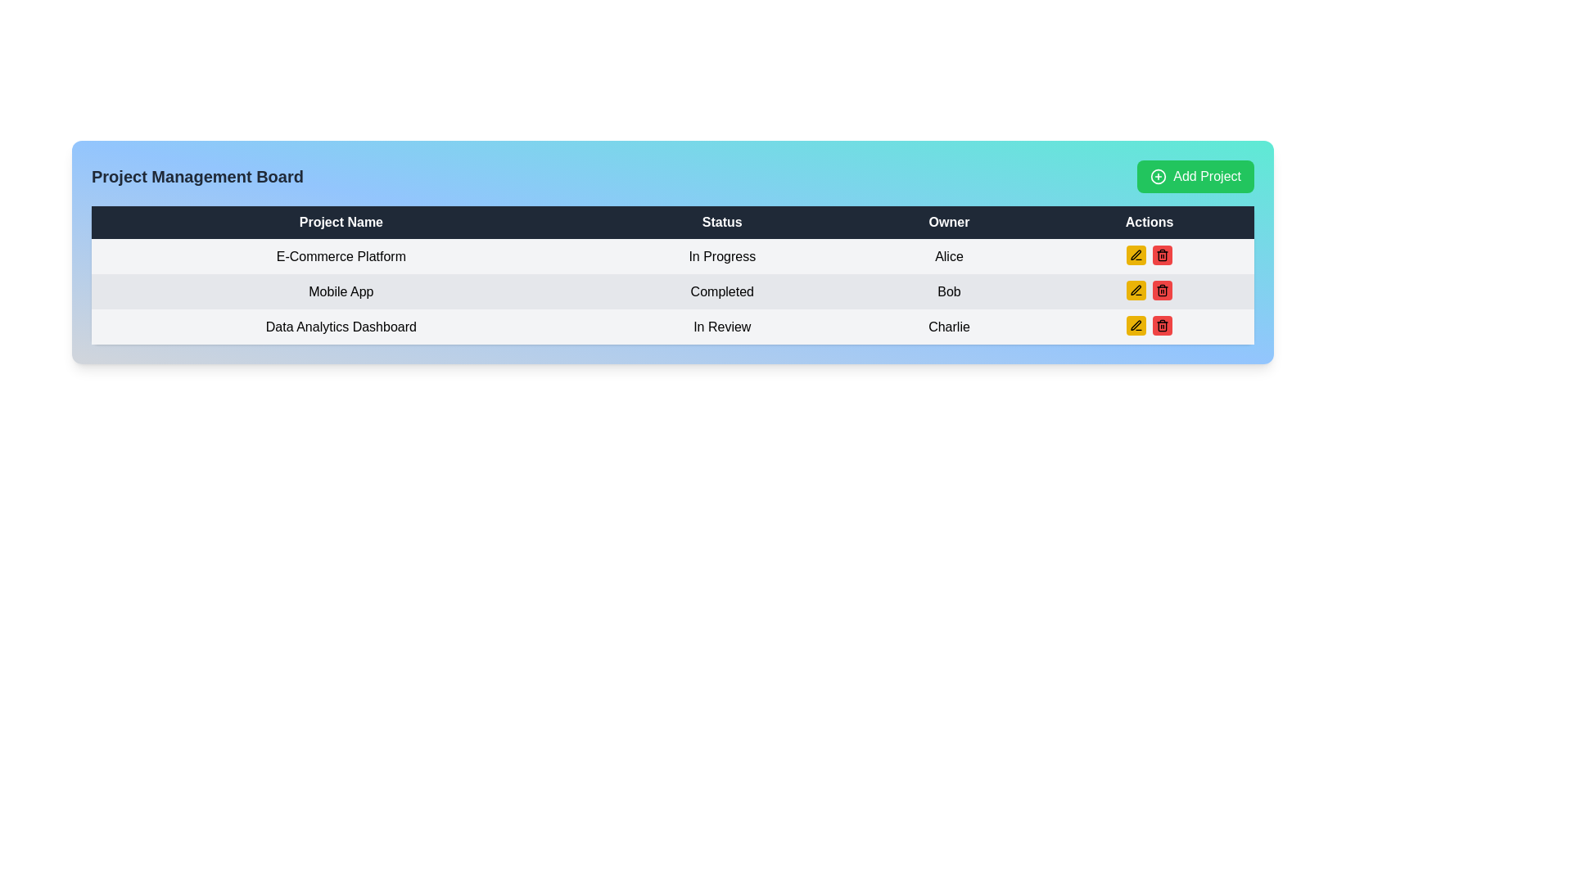 The height and width of the screenshot is (884, 1572). I want to click on the text label 'Alice' located under the 'Owner' column, so click(949, 256).